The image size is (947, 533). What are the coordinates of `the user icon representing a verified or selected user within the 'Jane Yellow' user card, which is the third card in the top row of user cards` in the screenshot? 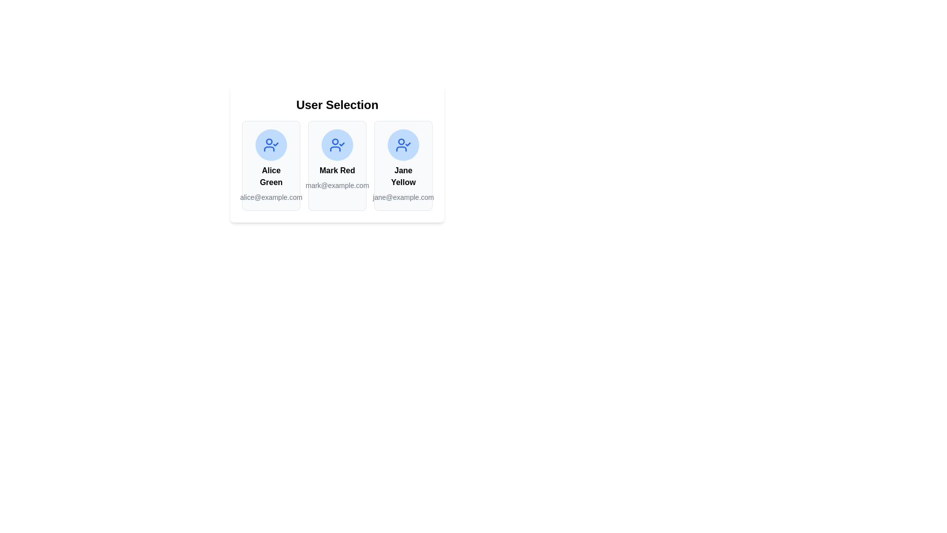 It's located at (403, 145).